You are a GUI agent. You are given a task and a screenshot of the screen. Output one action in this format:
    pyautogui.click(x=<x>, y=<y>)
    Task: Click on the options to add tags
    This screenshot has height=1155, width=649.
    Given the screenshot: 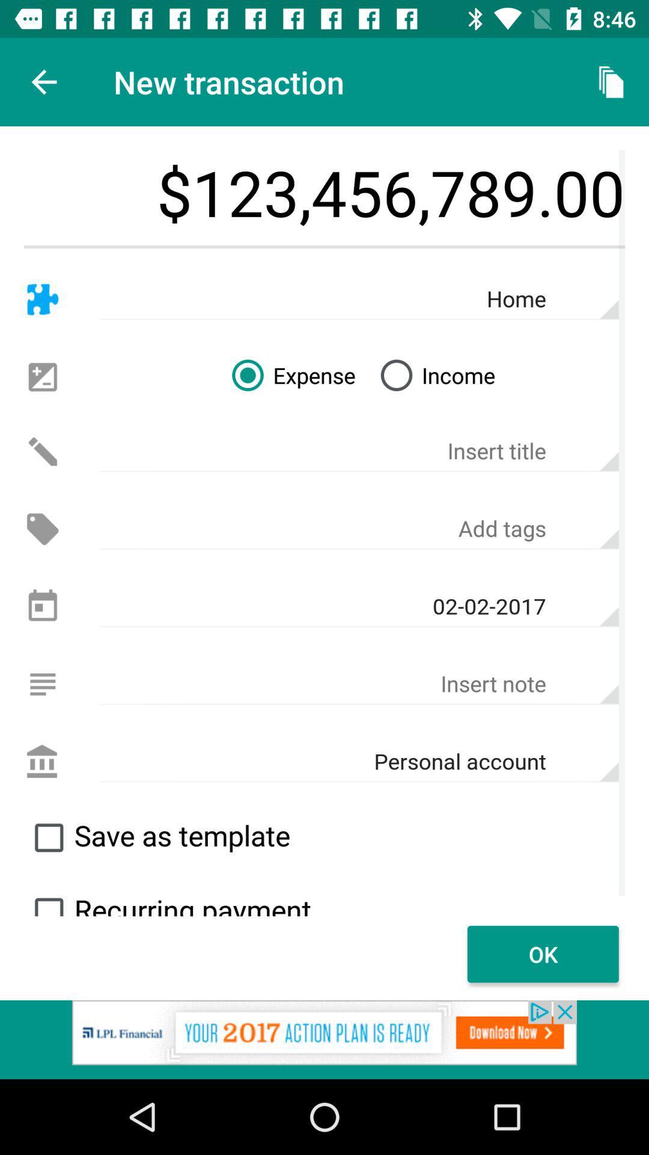 What is the action you would take?
    pyautogui.click(x=358, y=529)
    